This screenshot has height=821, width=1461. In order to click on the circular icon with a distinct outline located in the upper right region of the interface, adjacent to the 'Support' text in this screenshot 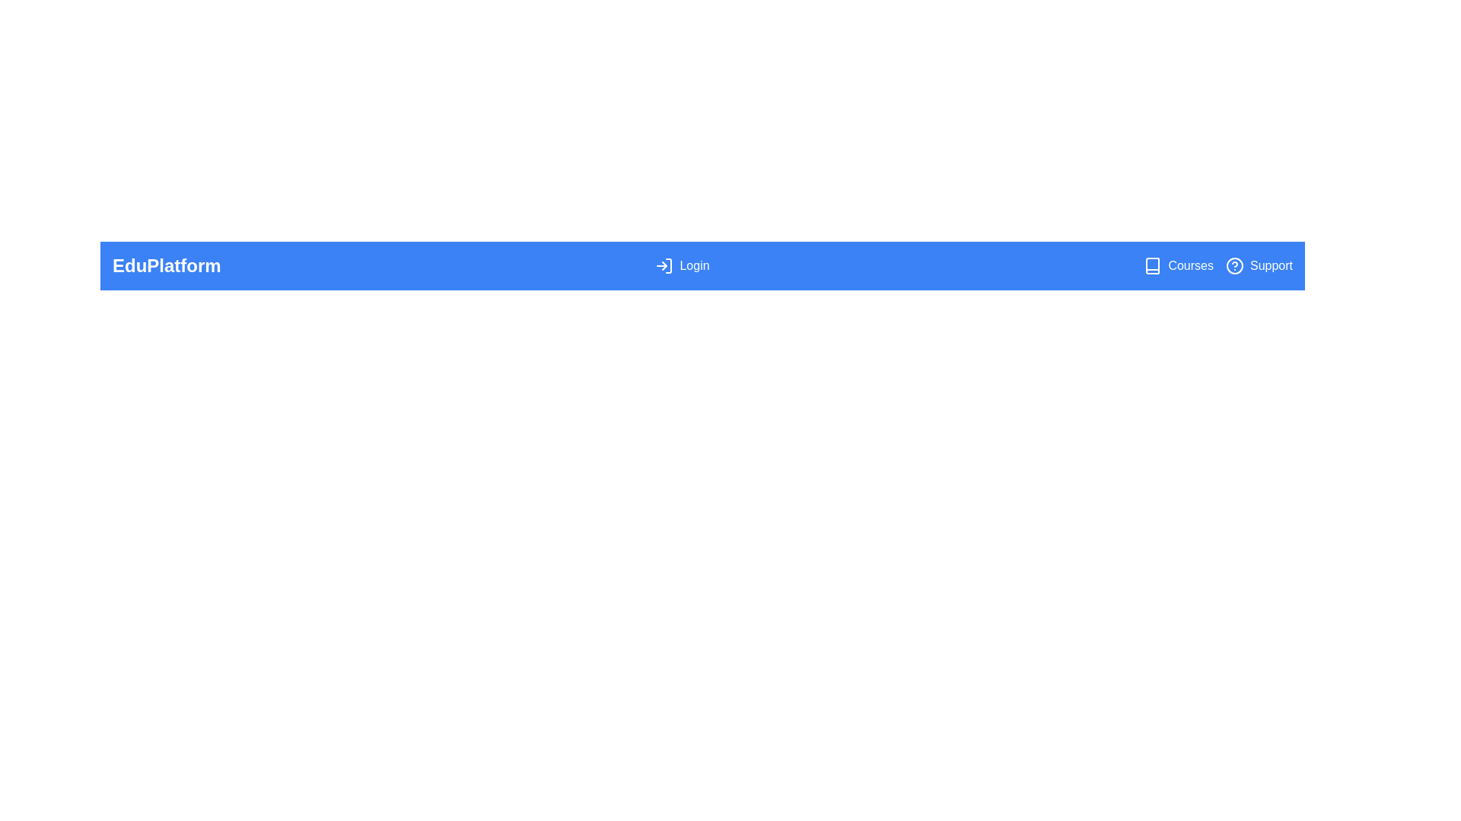, I will do `click(1234, 265)`.